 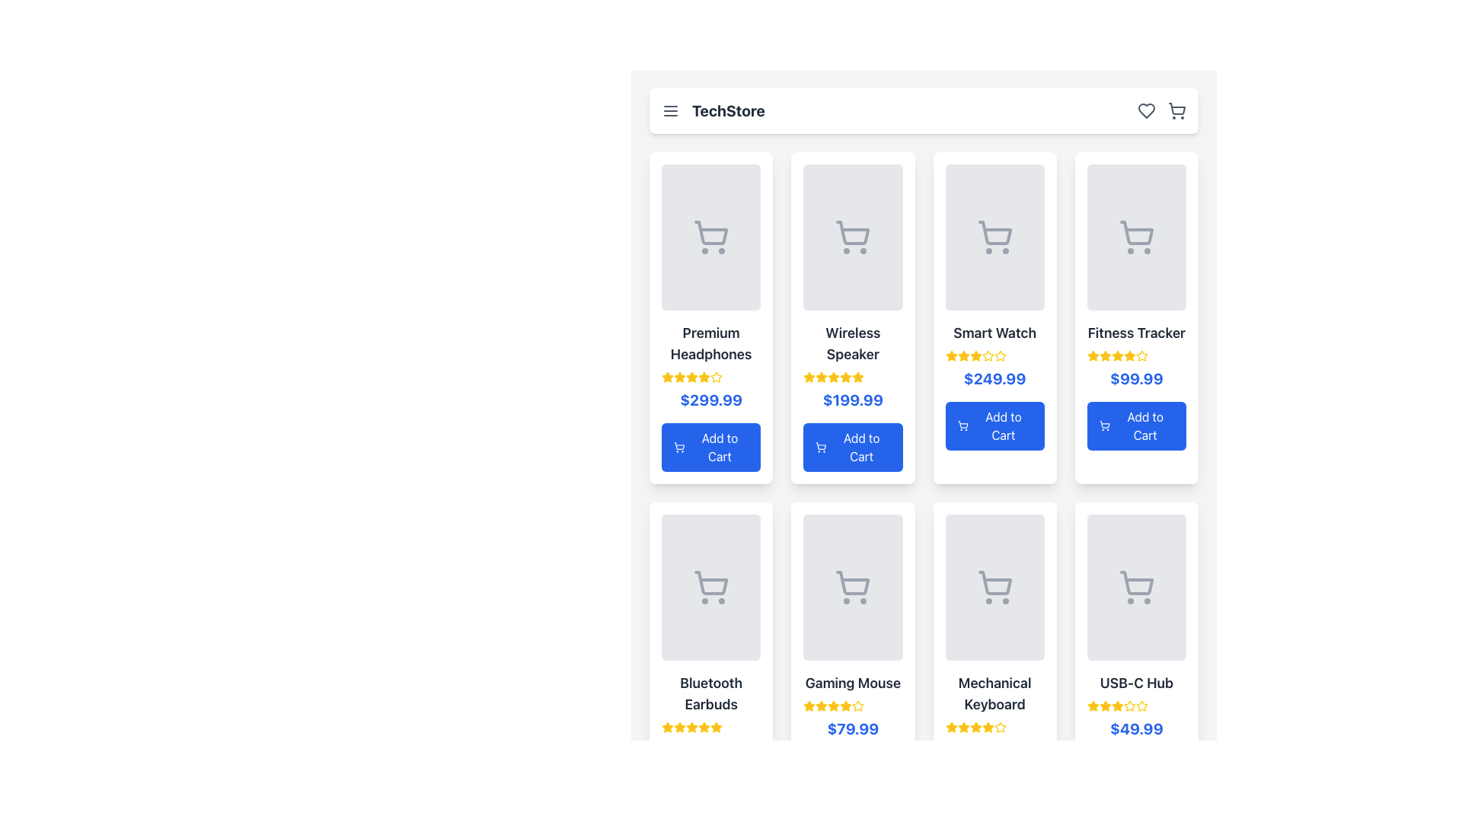 I want to click on product details of the Product card located in the second position of the first row, between the 'Premium Headphones' card and the 'Smart Watch' card, so click(x=853, y=317).